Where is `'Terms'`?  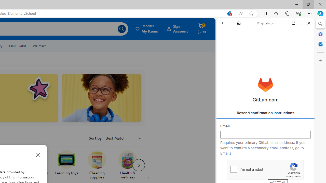 'Terms' is located at coordinates (298, 176).